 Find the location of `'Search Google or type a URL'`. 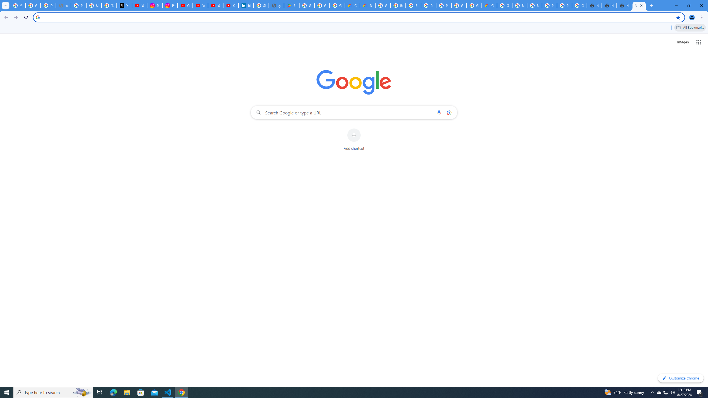

'Search Google or type a URL' is located at coordinates (354, 112).